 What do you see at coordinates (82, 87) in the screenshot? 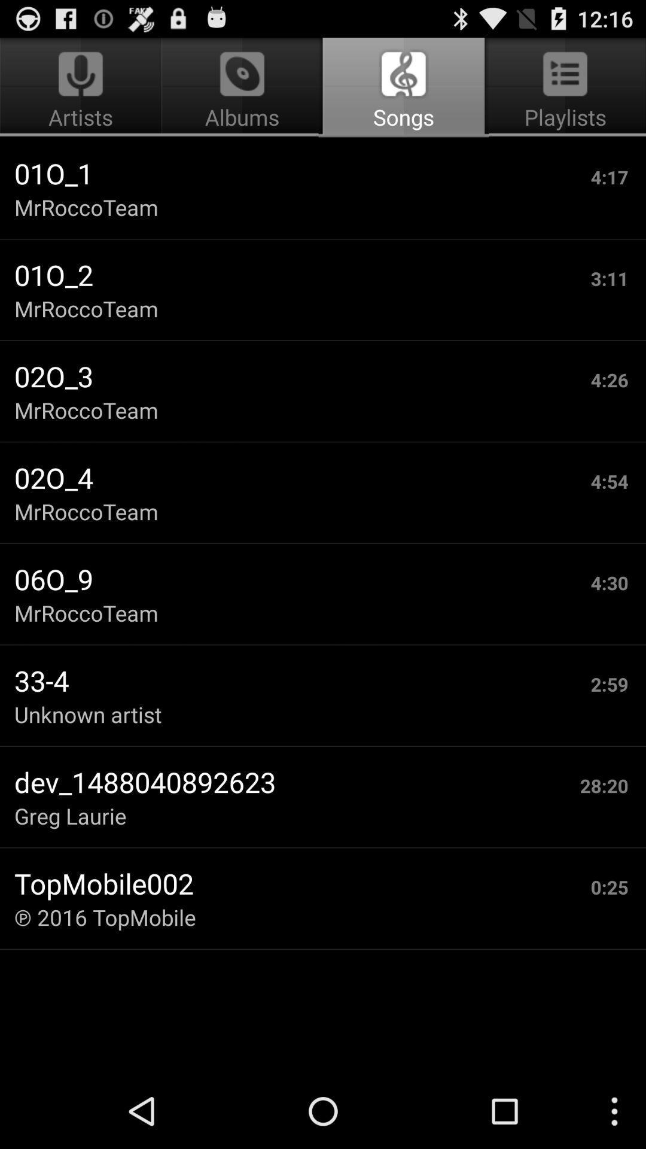
I see `the app next to songs app` at bounding box center [82, 87].